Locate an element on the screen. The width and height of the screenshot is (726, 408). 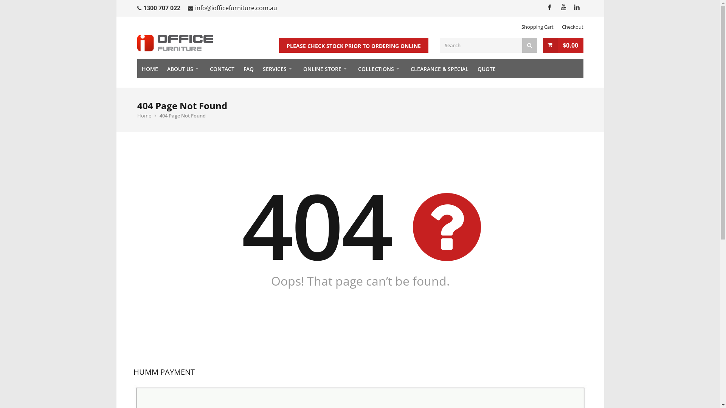
'CLEARANCE & SPECIAL' is located at coordinates (439, 68).